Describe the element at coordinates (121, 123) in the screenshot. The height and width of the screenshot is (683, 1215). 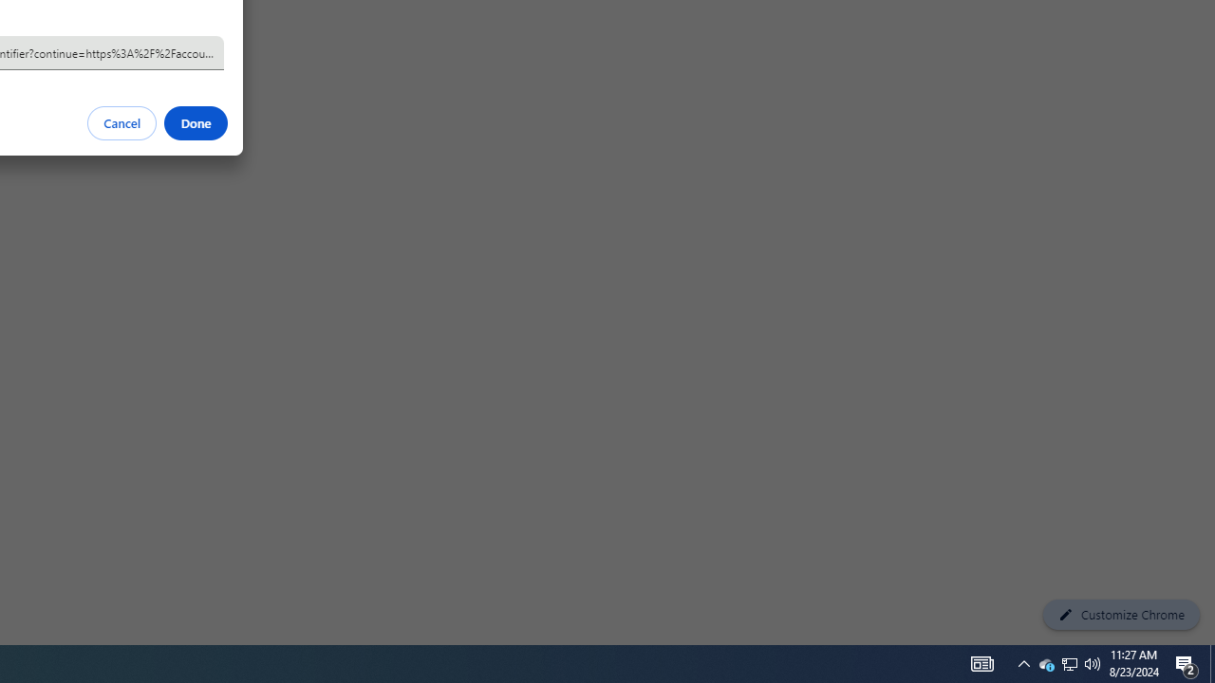
I see `'Cancel'` at that location.